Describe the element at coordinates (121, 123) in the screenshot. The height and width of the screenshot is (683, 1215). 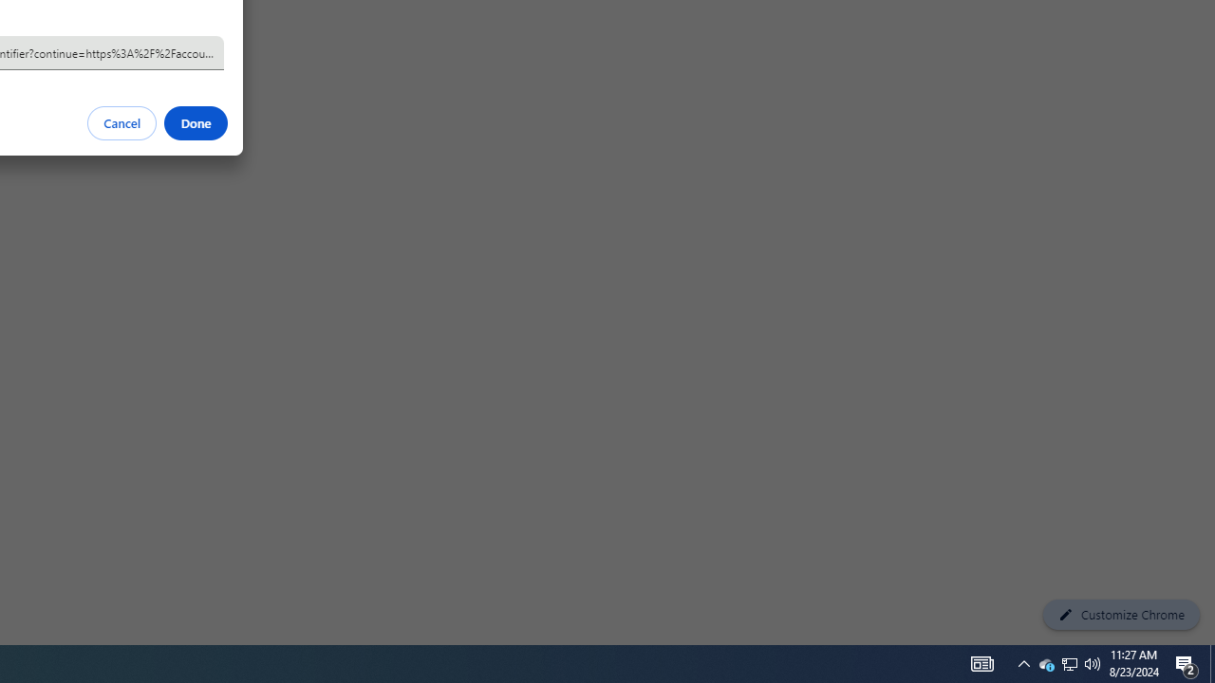
I see `'Cancel'` at that location.